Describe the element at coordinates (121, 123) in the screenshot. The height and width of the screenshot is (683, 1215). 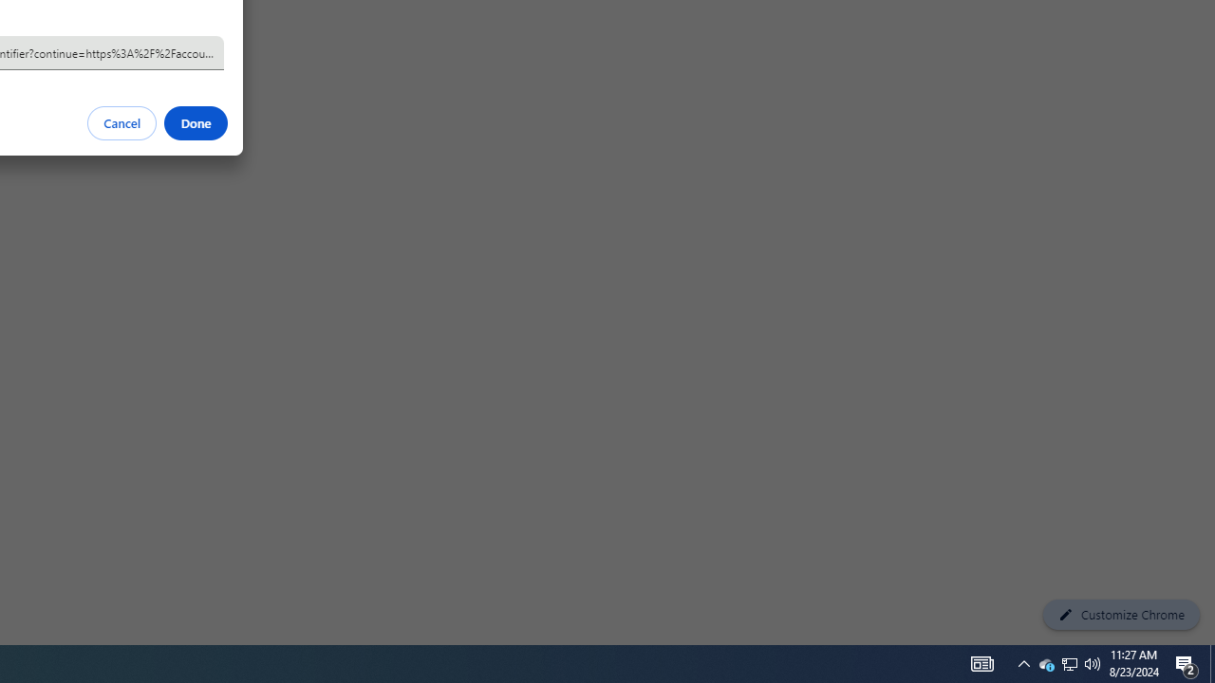
I see `'Cancel'` at that location.